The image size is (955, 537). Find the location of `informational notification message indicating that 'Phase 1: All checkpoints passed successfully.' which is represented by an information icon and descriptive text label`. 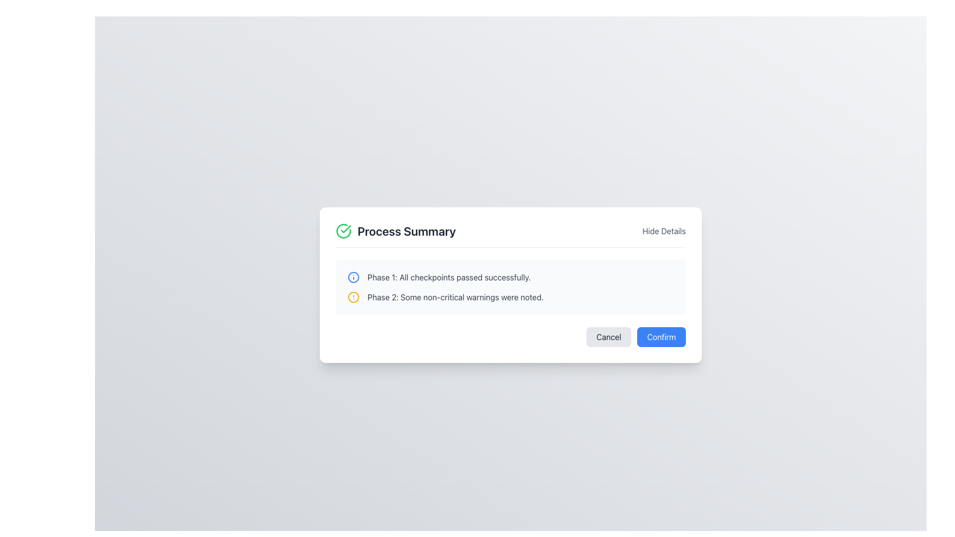

informational notification message indicating that 'Phase 1: All checkpoints passed successfully.' which is represented by an information icon and descriptive text label is located at coordinates (511, 276).